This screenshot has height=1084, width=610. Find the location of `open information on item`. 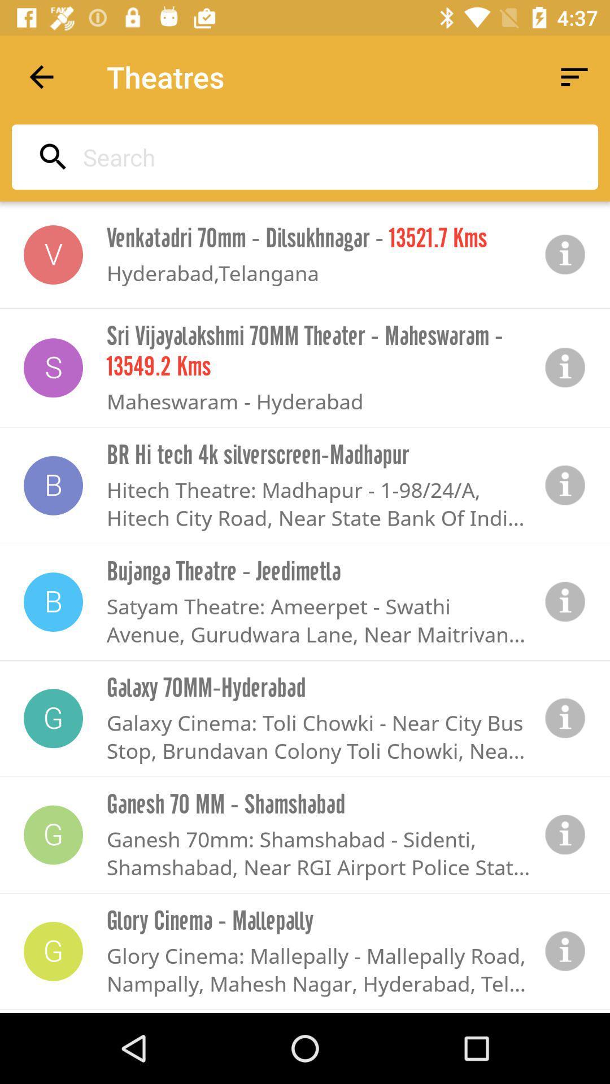

open information on item is located at coordinates (565, 486).